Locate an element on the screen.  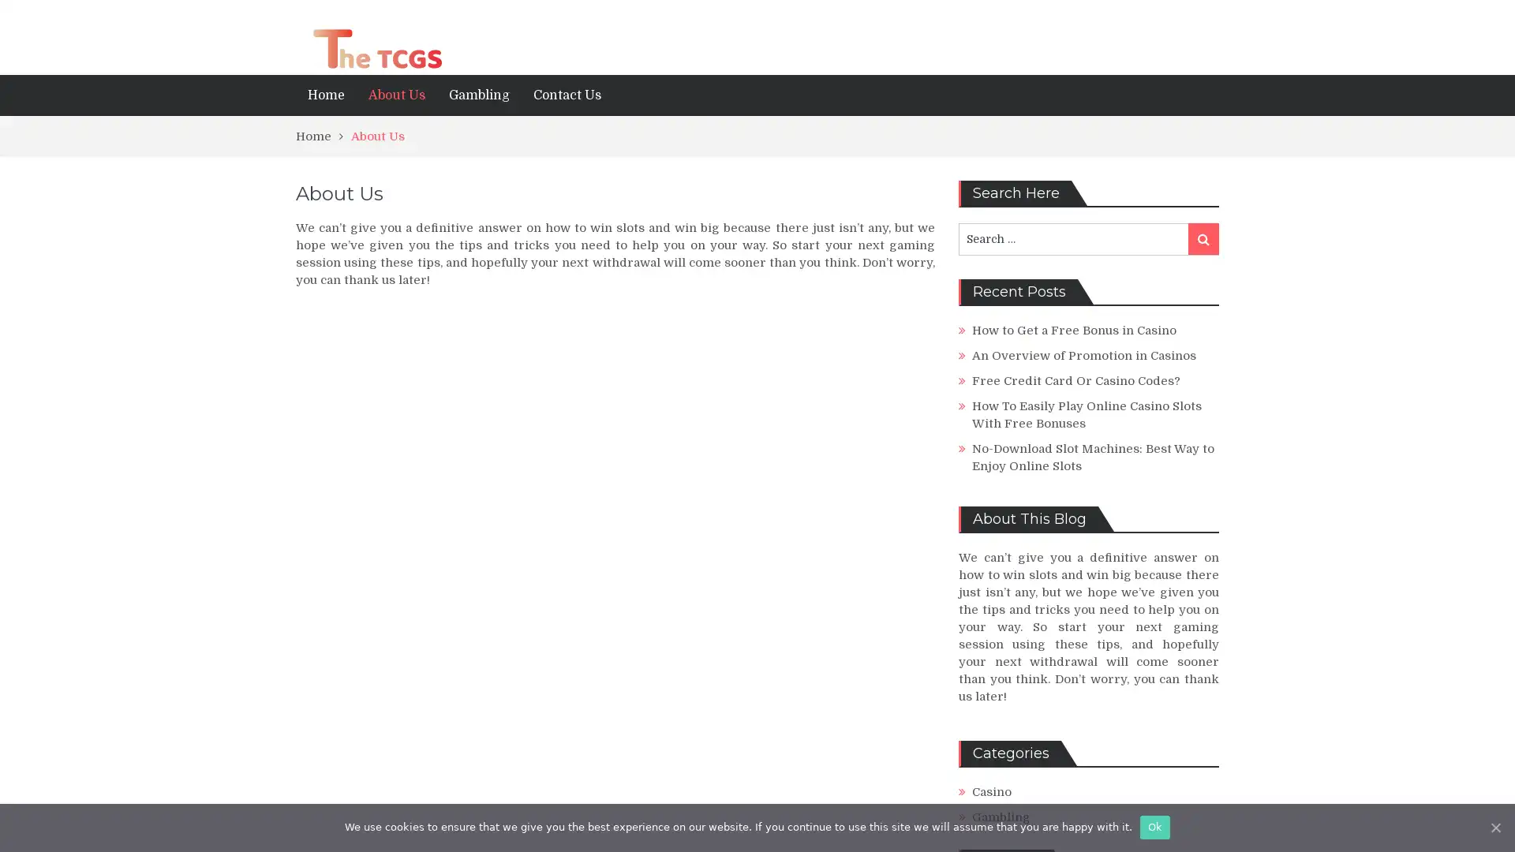
Search is located at coordinates (1203, 239).